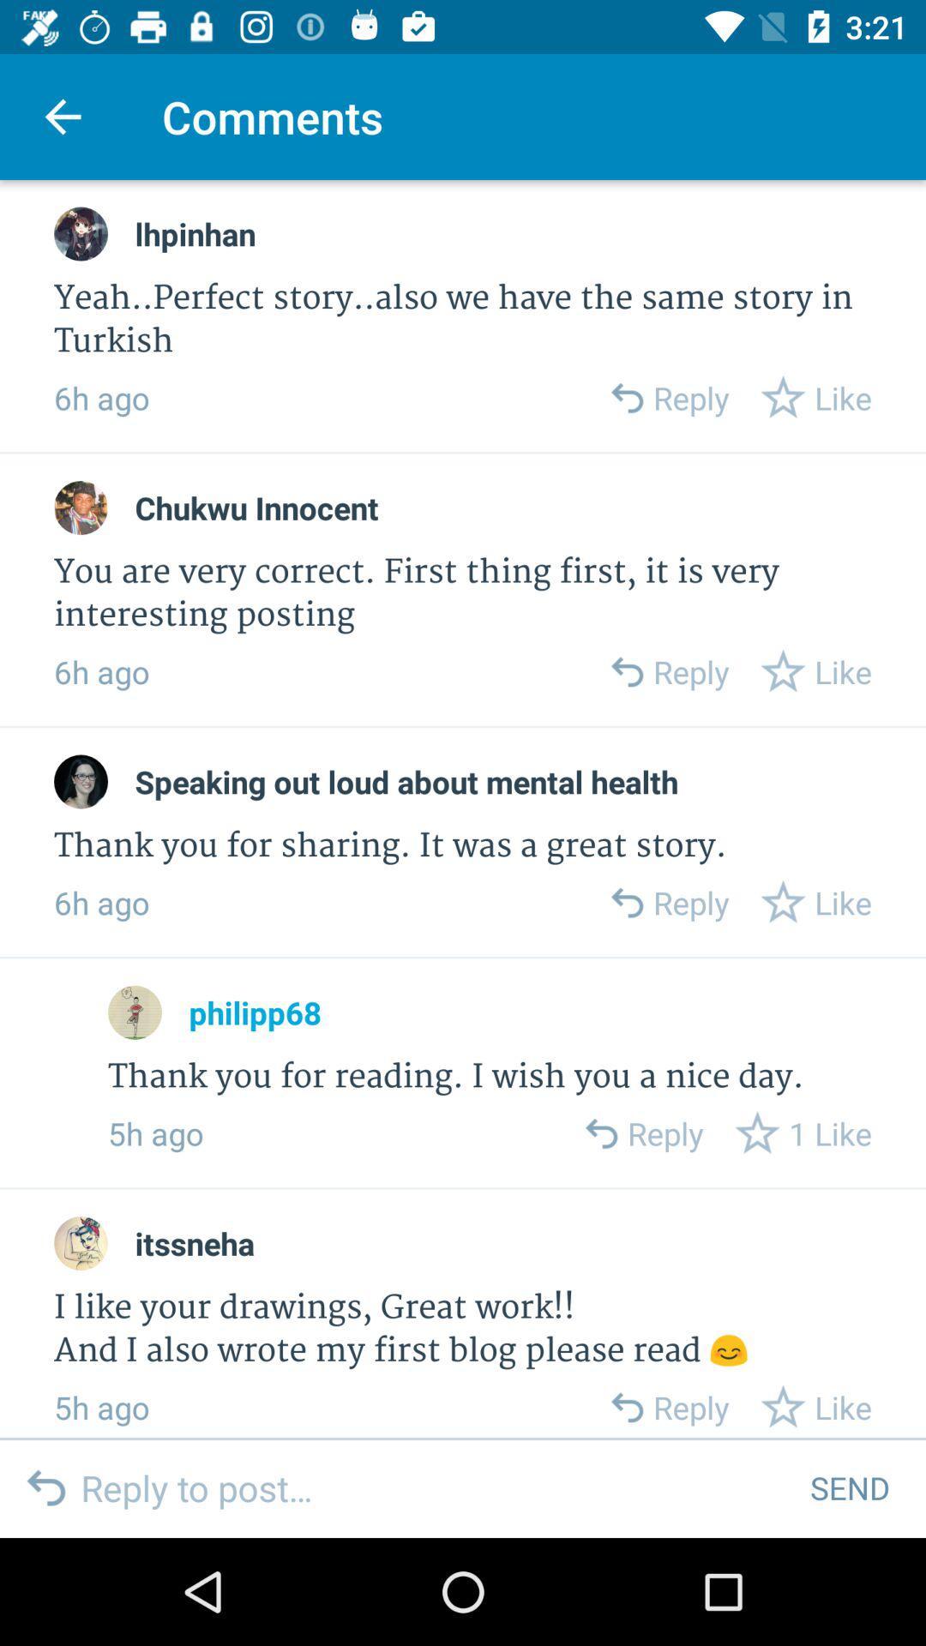 This screenshot has width=926, height=1646. Describe the element at coordinates (62, 116) in the screenshot. I see `icon to the left of comments icon` at that location.